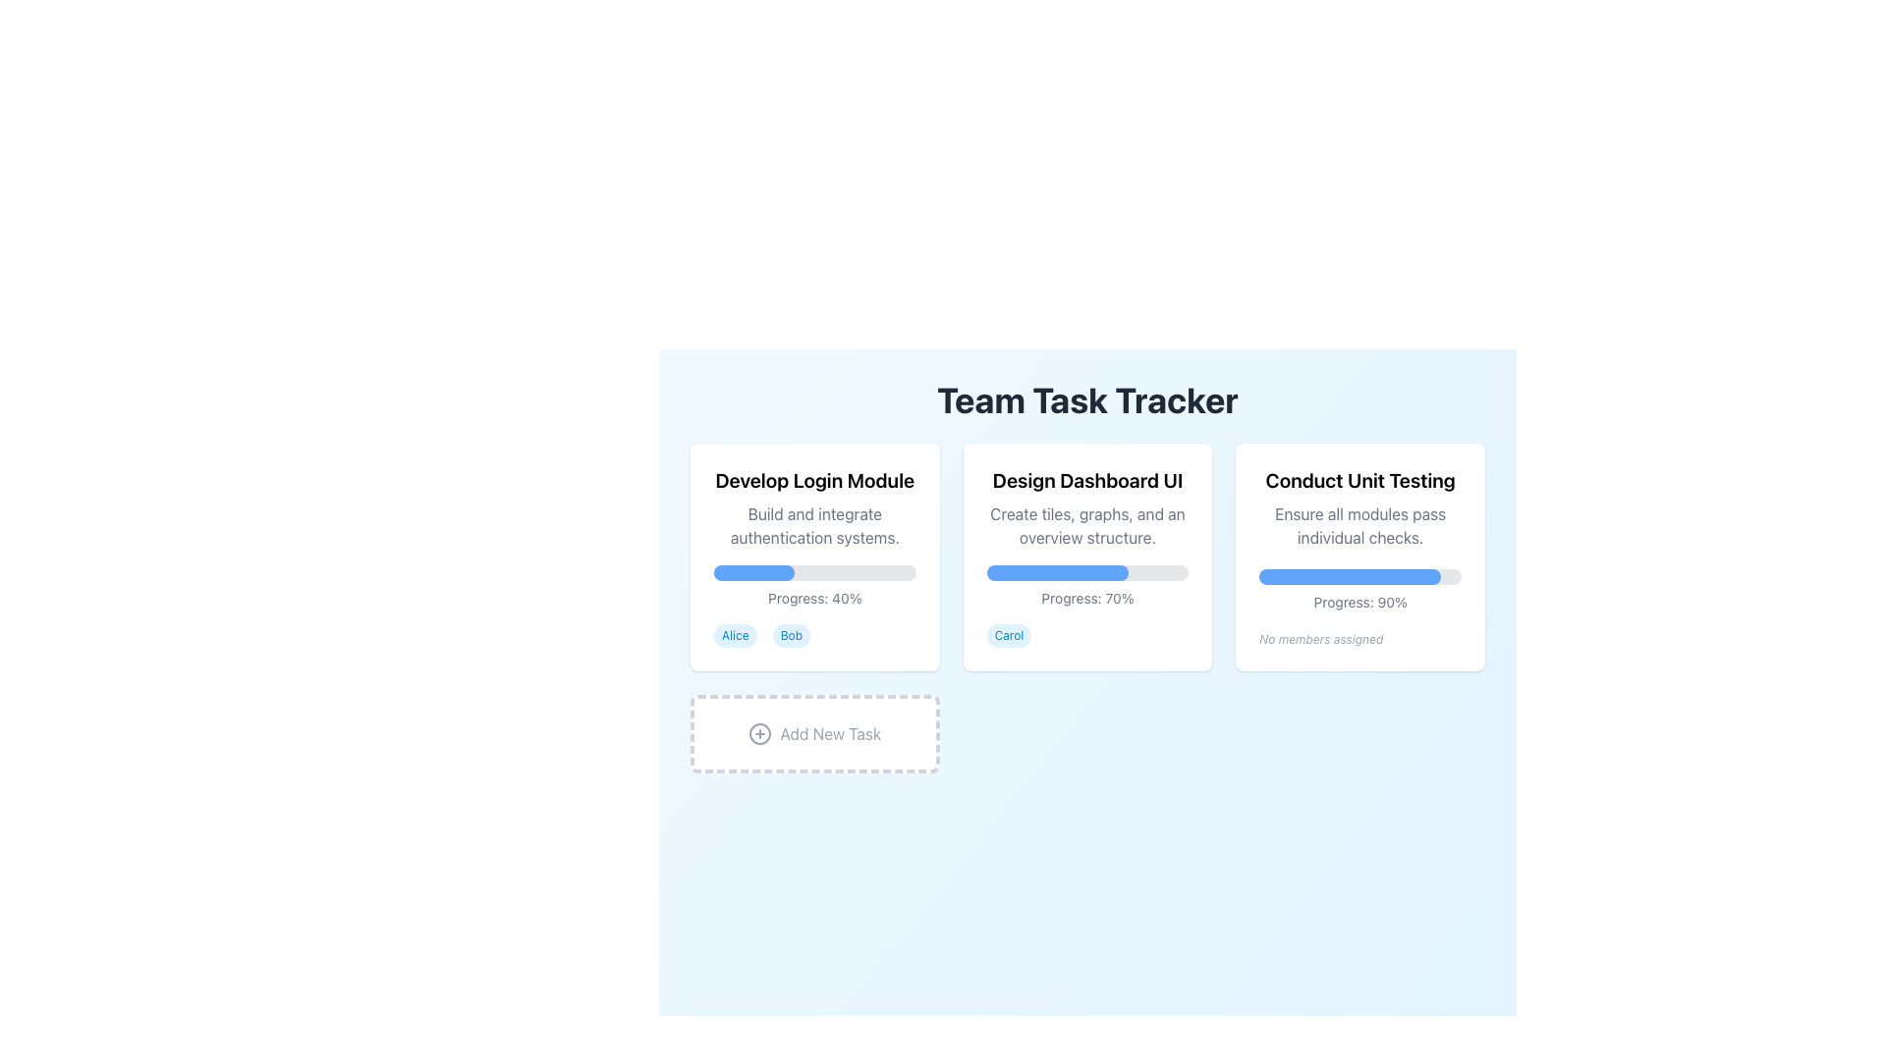 This screenshot has height=1060, width=1886. Describe the element at coordinates (1359, 556) in the screenshot. I see `the card titled 'Conduct Unit Testing'` at that location.